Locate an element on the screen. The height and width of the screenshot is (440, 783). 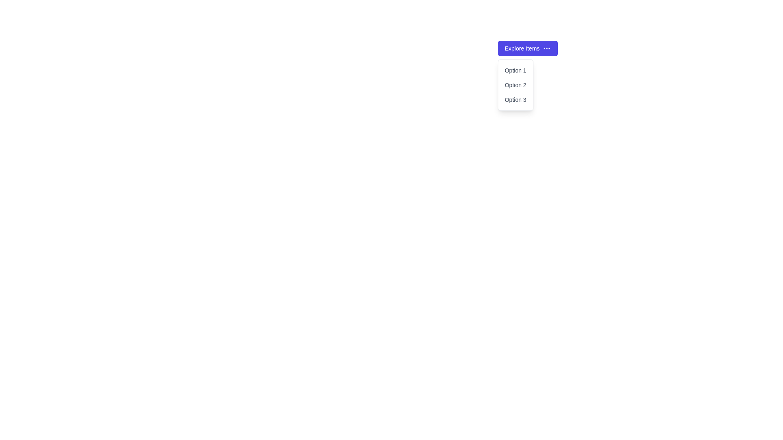
the 'Explore Items' button to toggle the dropdown visibility is located at coordinates (528, 48).